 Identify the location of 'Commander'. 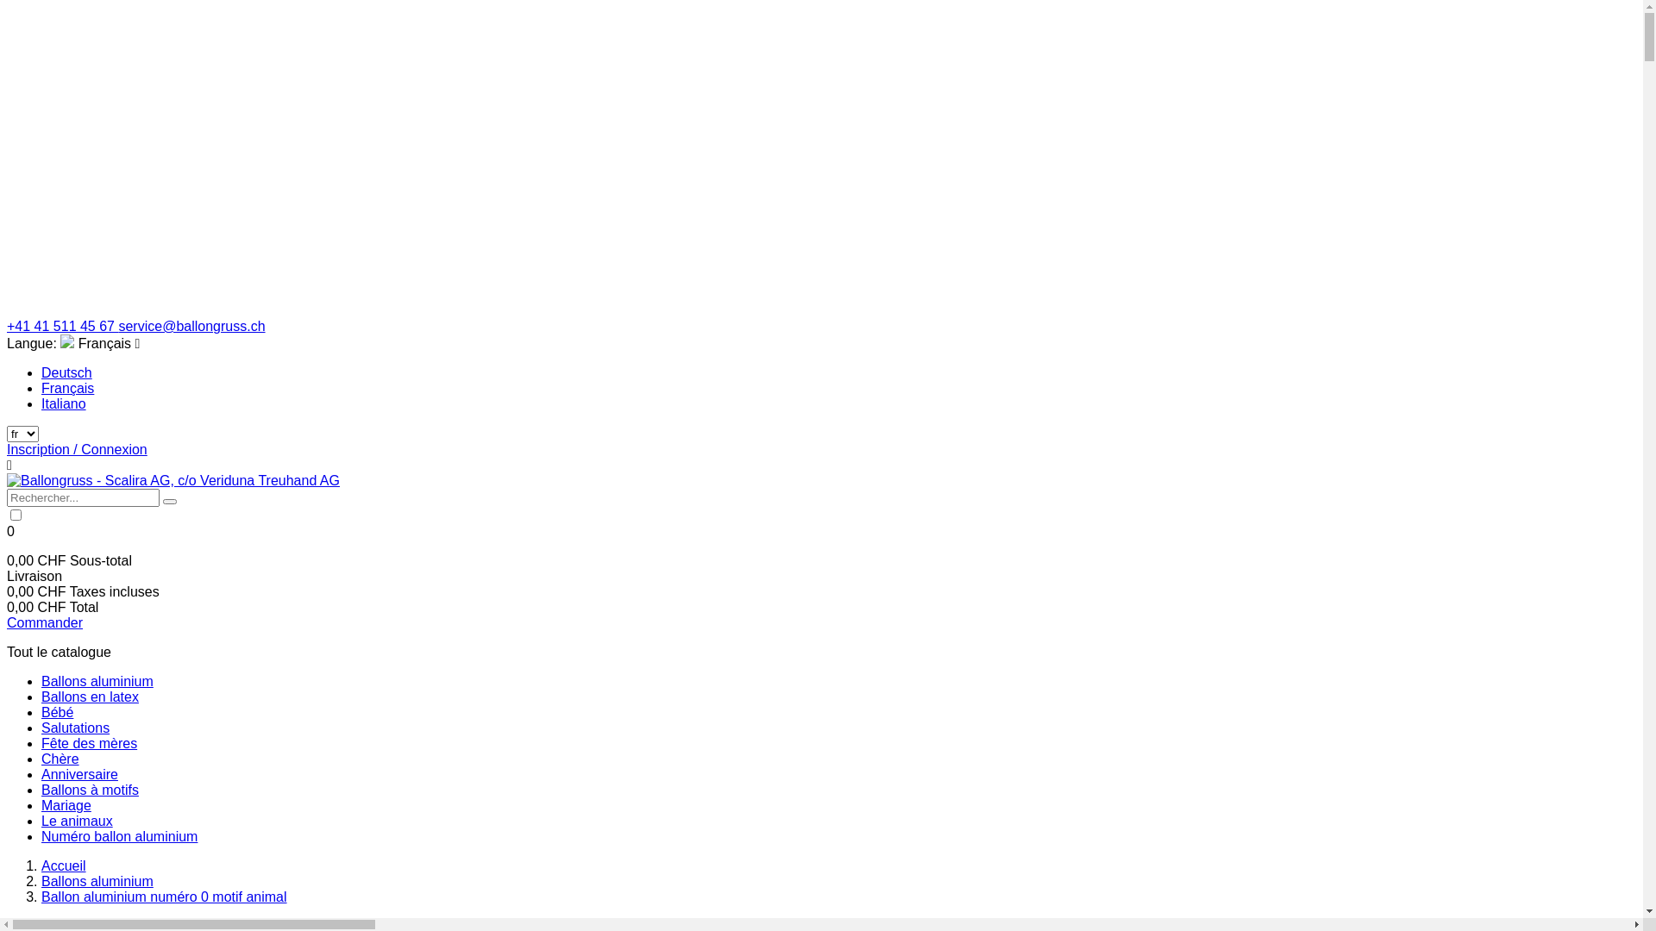
(45, 622).